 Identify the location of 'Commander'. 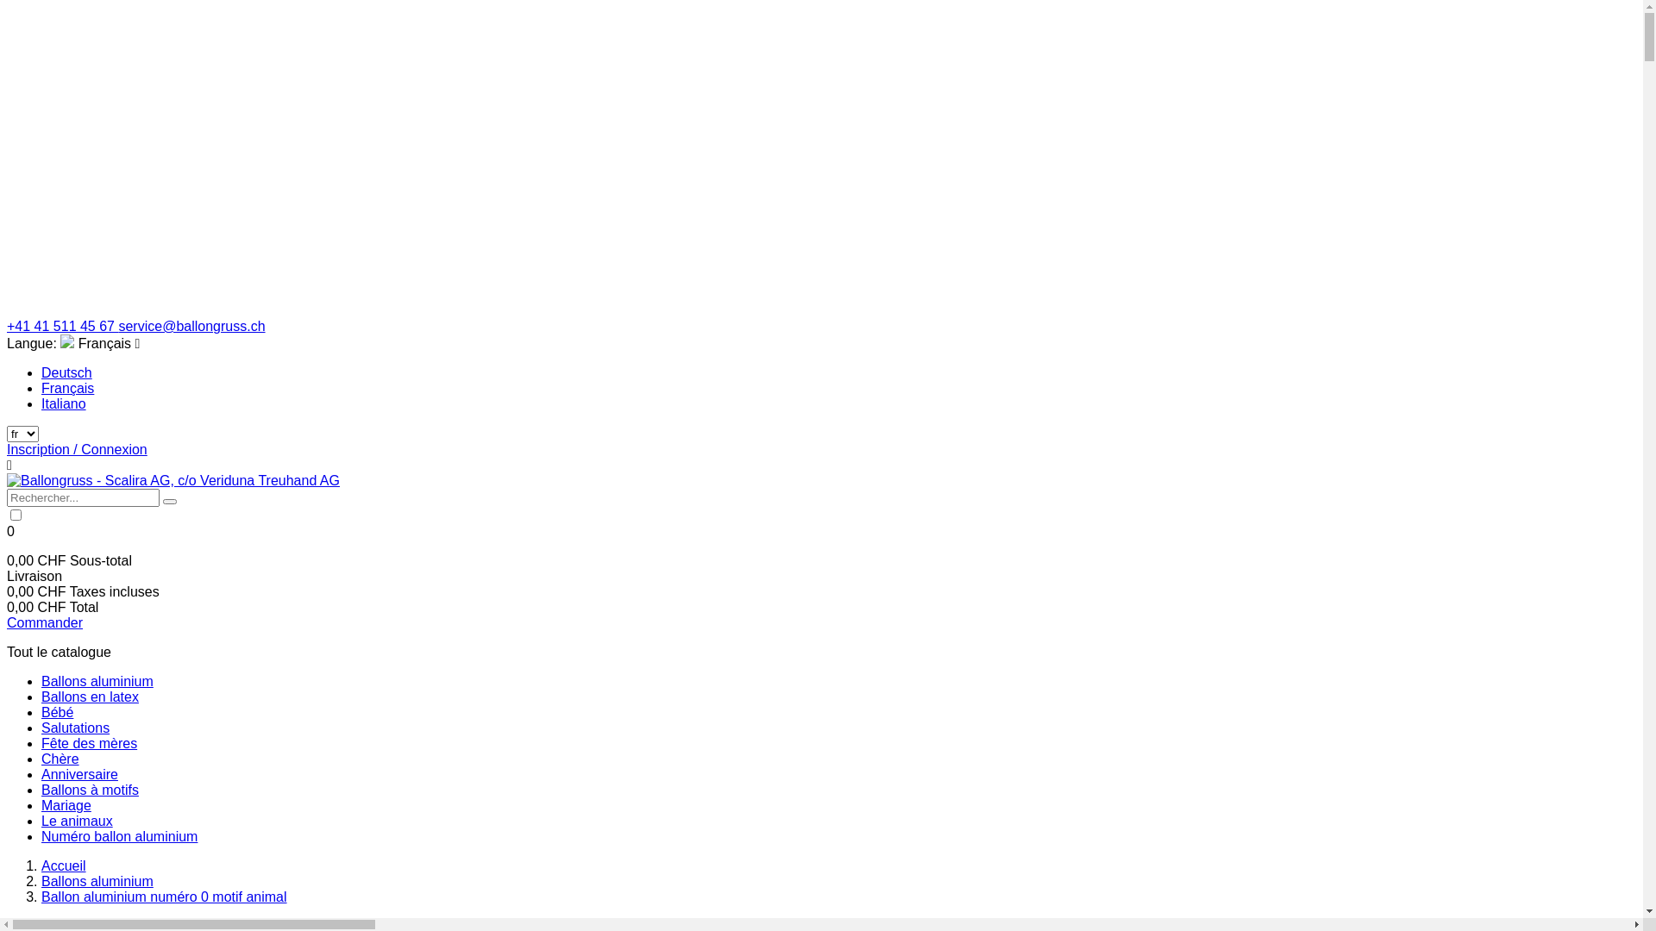
(45, 622).